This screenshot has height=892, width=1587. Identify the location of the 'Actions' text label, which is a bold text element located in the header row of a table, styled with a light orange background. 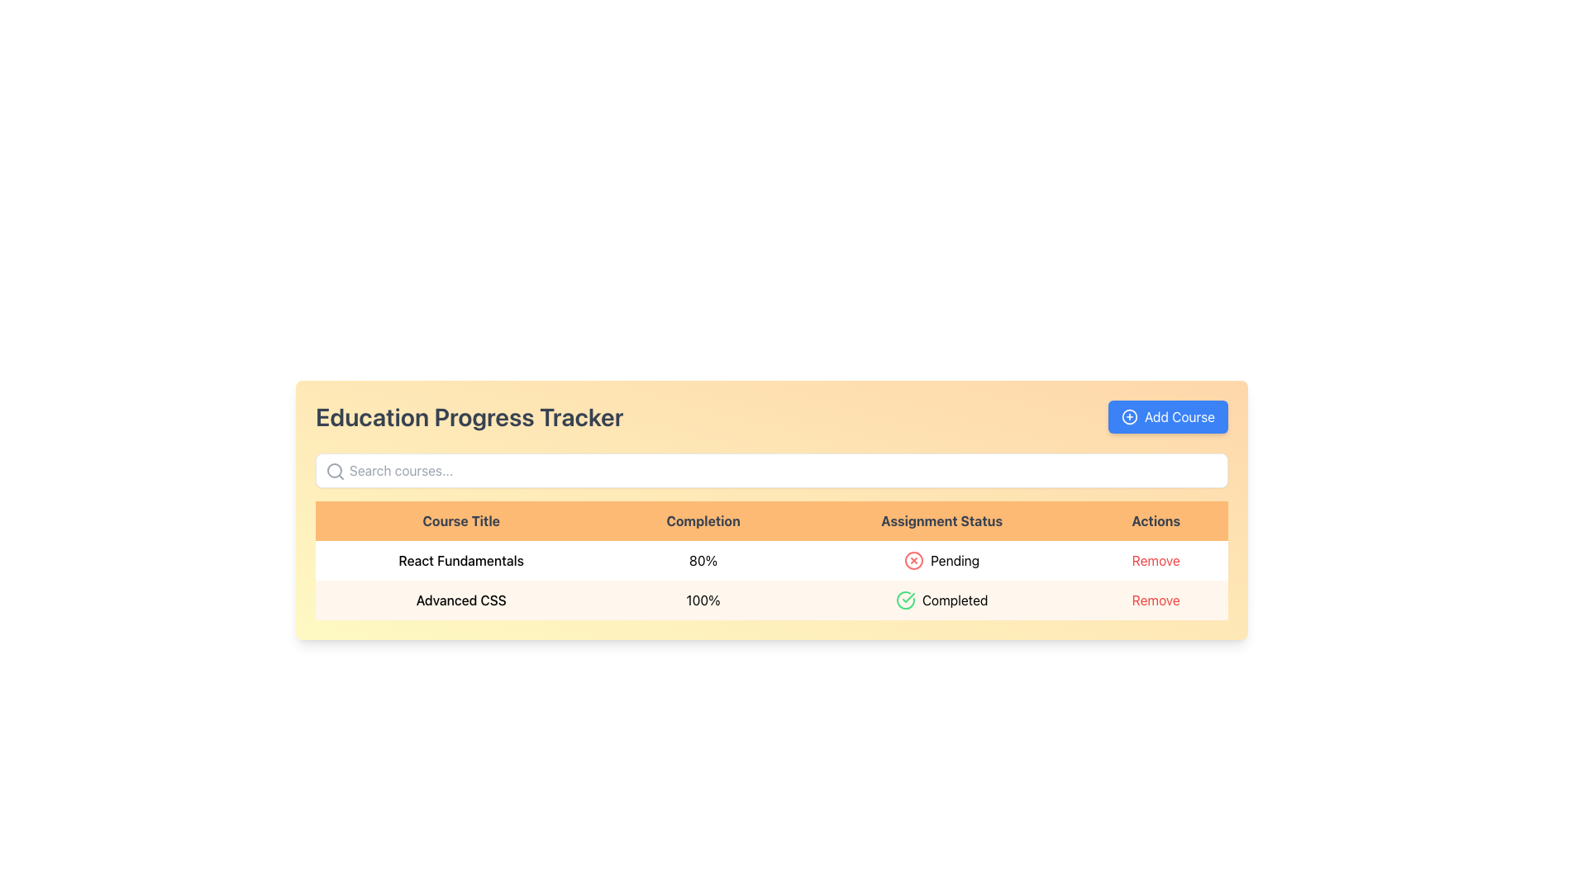
(1155, 521).